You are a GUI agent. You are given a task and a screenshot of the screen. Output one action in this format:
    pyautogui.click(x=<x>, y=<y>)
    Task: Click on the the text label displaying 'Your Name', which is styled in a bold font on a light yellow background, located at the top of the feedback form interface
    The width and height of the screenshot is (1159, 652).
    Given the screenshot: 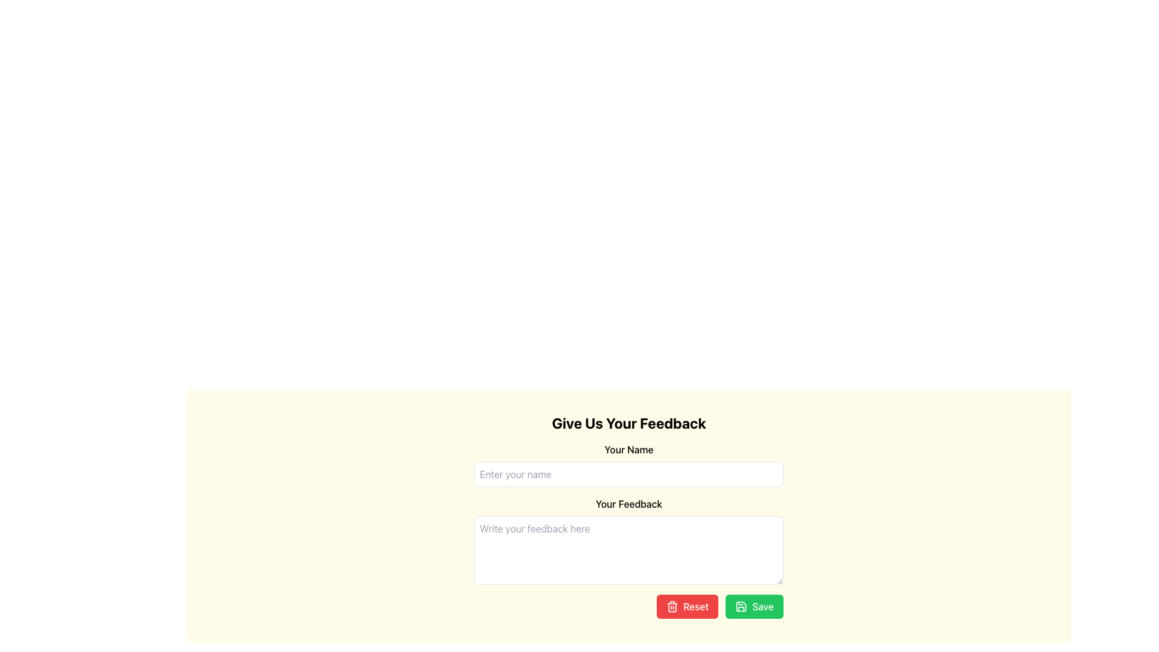 What is the action you would take?
    pyautogui.click(x=628, y=449)
    